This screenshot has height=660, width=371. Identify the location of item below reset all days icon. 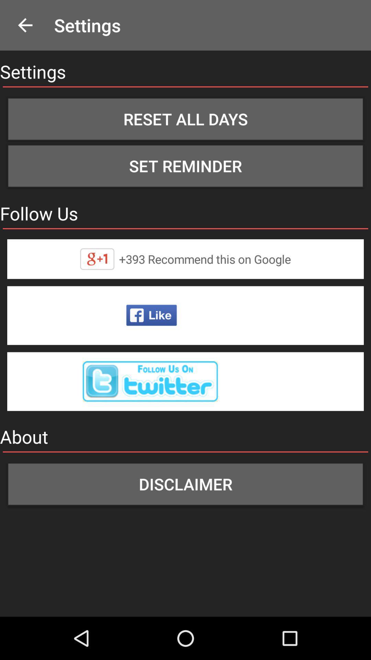
(185, 166).